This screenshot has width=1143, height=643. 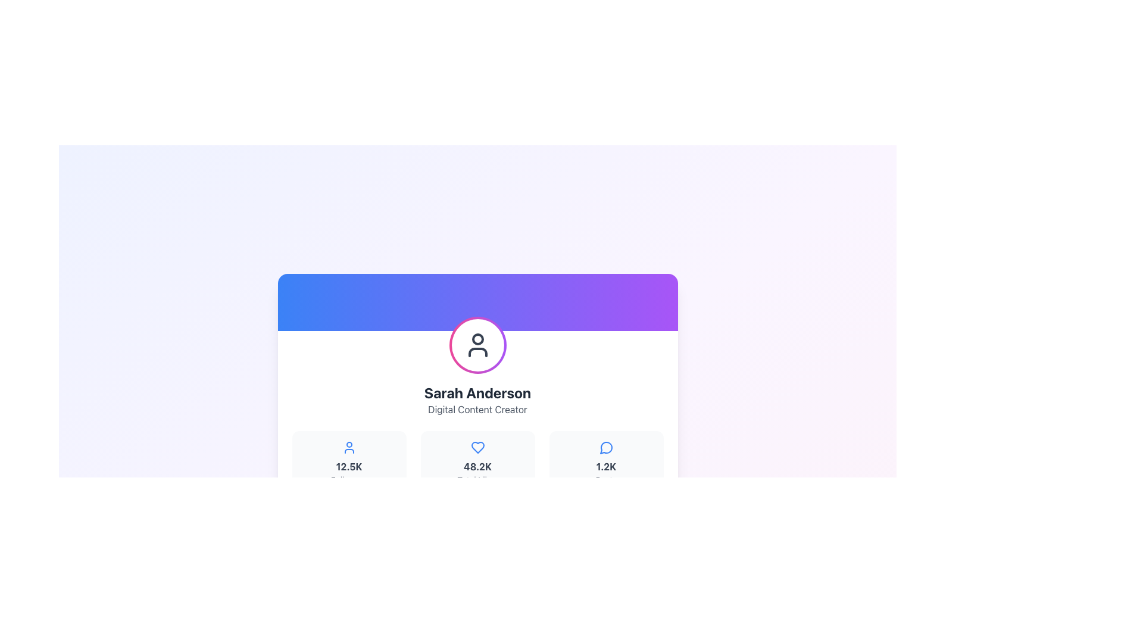 I want to click on the associated icons in the Statistical summary panel located centrally beneath the user's profile name and description, so click(x=477, y=463).